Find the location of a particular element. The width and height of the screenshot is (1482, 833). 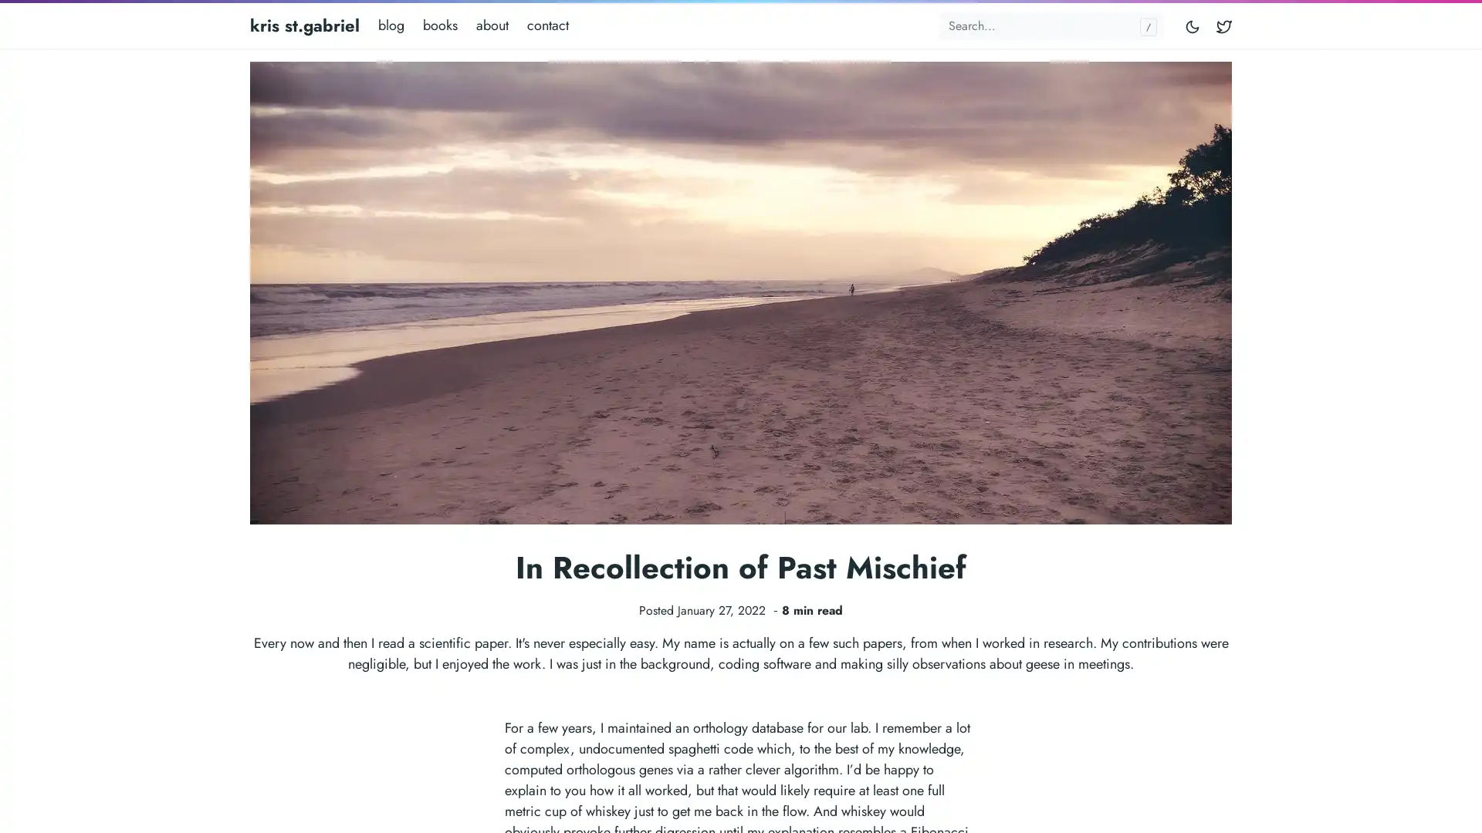

Toggle mode is located at coordinates (1192, 25).